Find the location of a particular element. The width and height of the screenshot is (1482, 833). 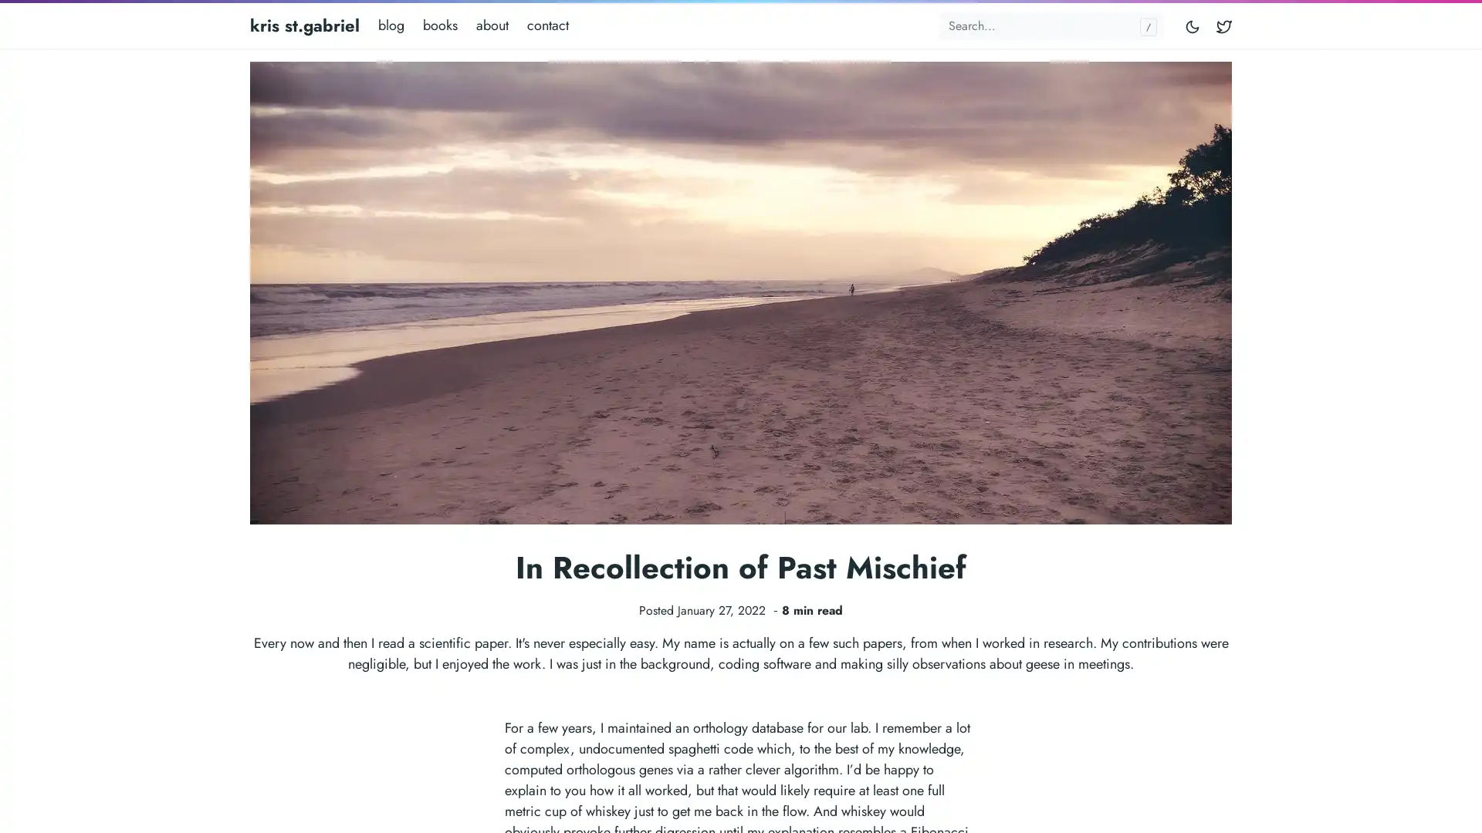

Toggle mode is located at coordinates (1192, 25).